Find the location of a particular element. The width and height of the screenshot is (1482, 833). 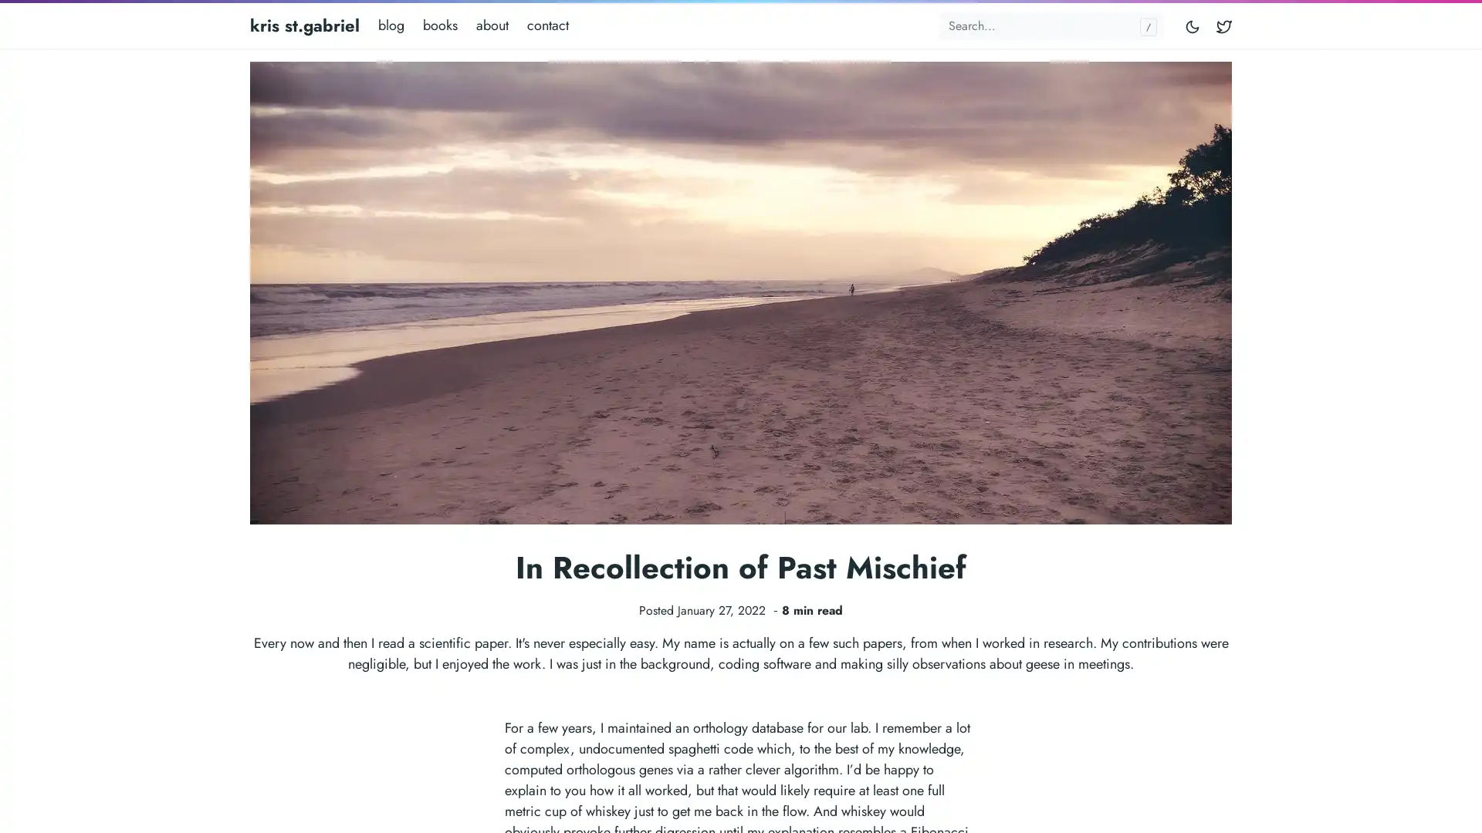

Toggle mode is located at coordinates (1192, 25).